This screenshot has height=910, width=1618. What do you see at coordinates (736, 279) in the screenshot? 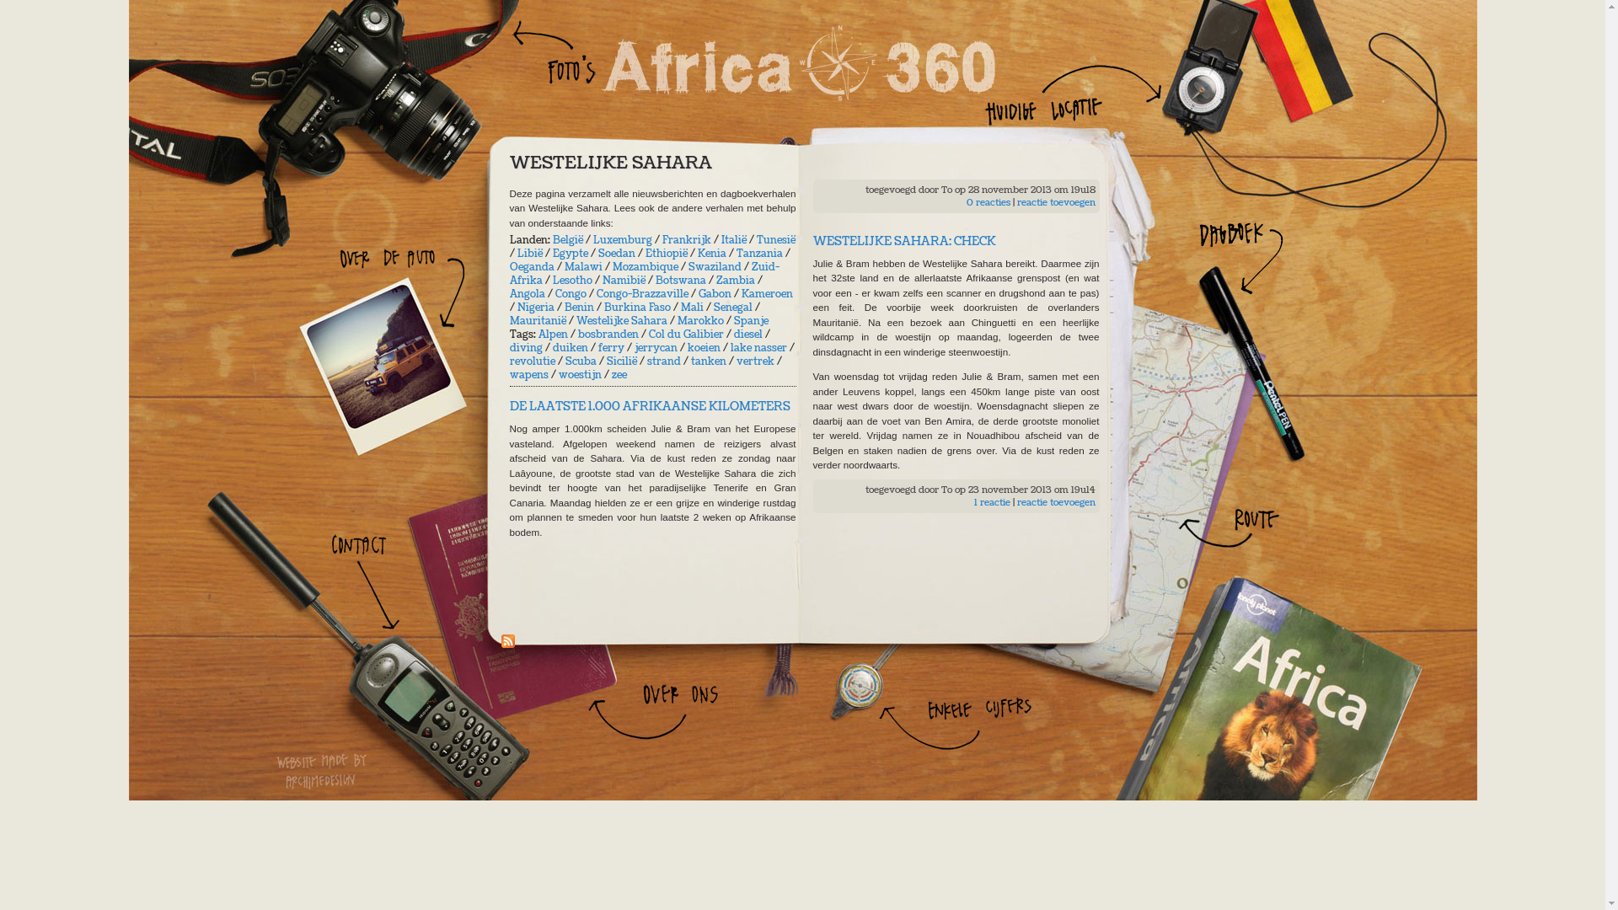
I see `'Zambia'` at bounding box center [736, 279].